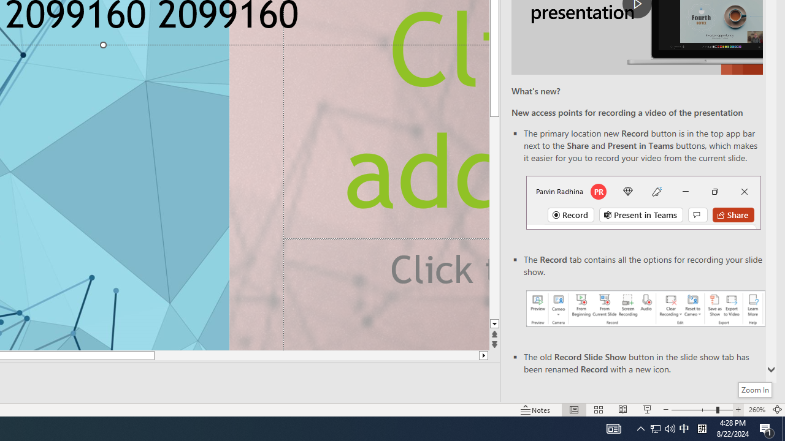 This screenshot has height=441, width=785. I want to click on 'Slide Sorter', so click(599, 410).